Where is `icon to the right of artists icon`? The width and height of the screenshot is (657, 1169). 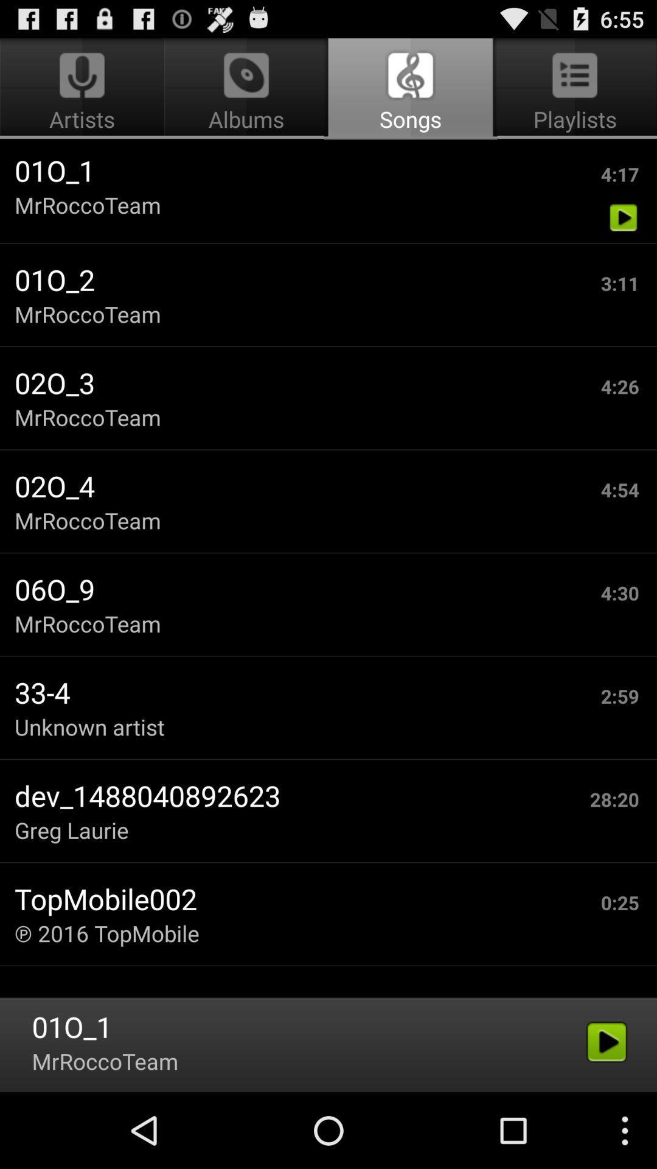 icon to the right of artists icon is located at coordinates (411, 89).